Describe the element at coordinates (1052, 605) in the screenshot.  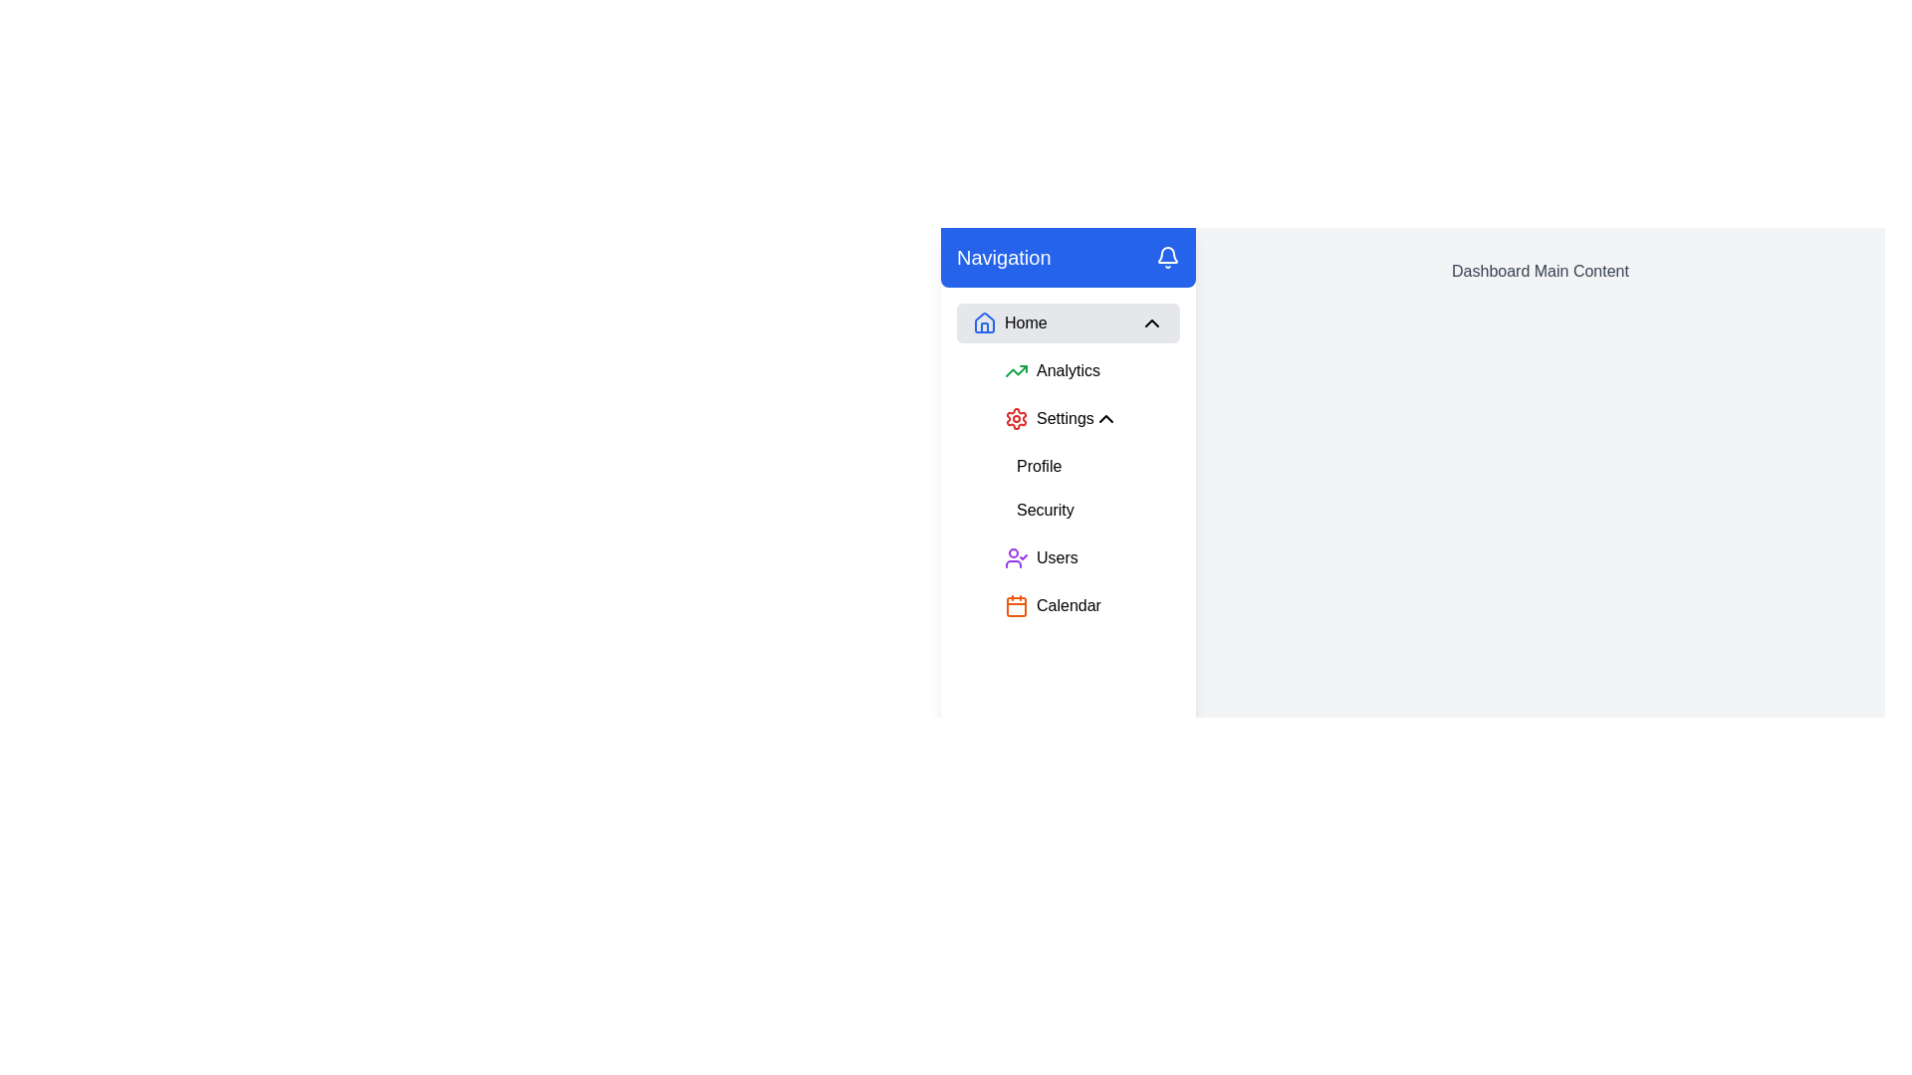
I see `the navigational button located in the vertical menu that directs users to the 'Calendar' section of the application` at that location.